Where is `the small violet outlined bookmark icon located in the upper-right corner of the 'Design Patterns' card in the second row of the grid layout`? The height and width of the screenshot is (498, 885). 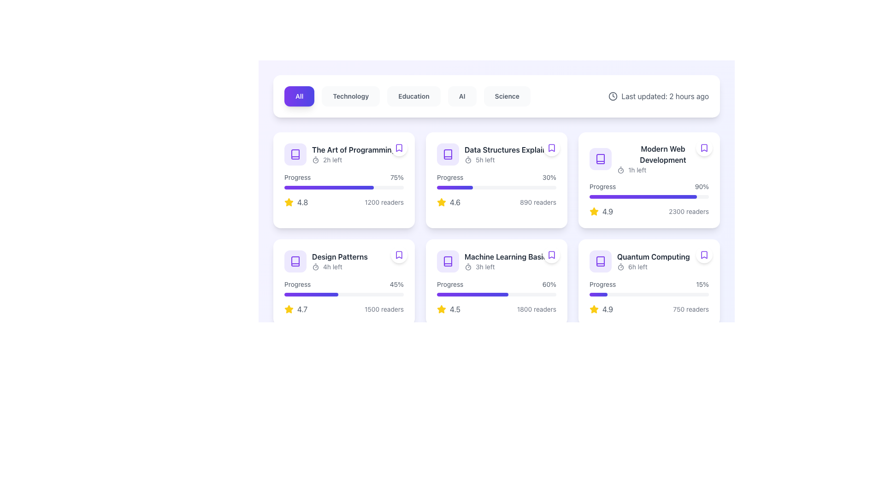
the small violet outlined bookmark icon located in the upper-right corner of the 'Design Patterns' card in the second row of the grid layout is located at coordinates (399, 255).